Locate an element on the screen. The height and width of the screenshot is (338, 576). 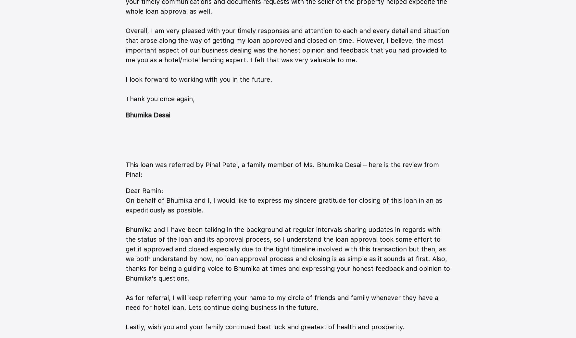
'Lastly, wish you and your family continued best luck and greatest of health and prosperity.' is located at coordinates (265, 327).